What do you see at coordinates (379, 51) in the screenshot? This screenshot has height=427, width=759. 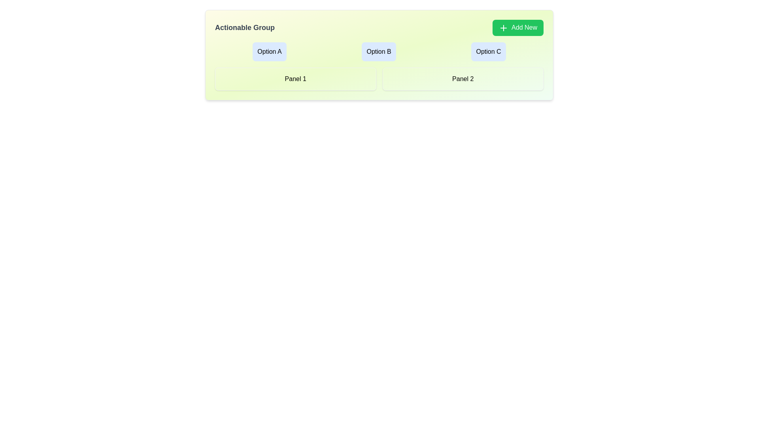 I see `the group of three interactive buttons located below the 'Actionable Group' header` at bounding box center [379, 51].